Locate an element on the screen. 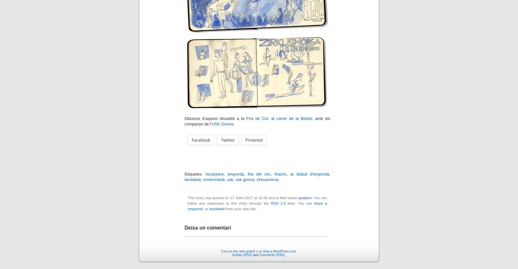 This screenshot has width=518, height=269. 'leave a response' is located at coordinates (257, 206).